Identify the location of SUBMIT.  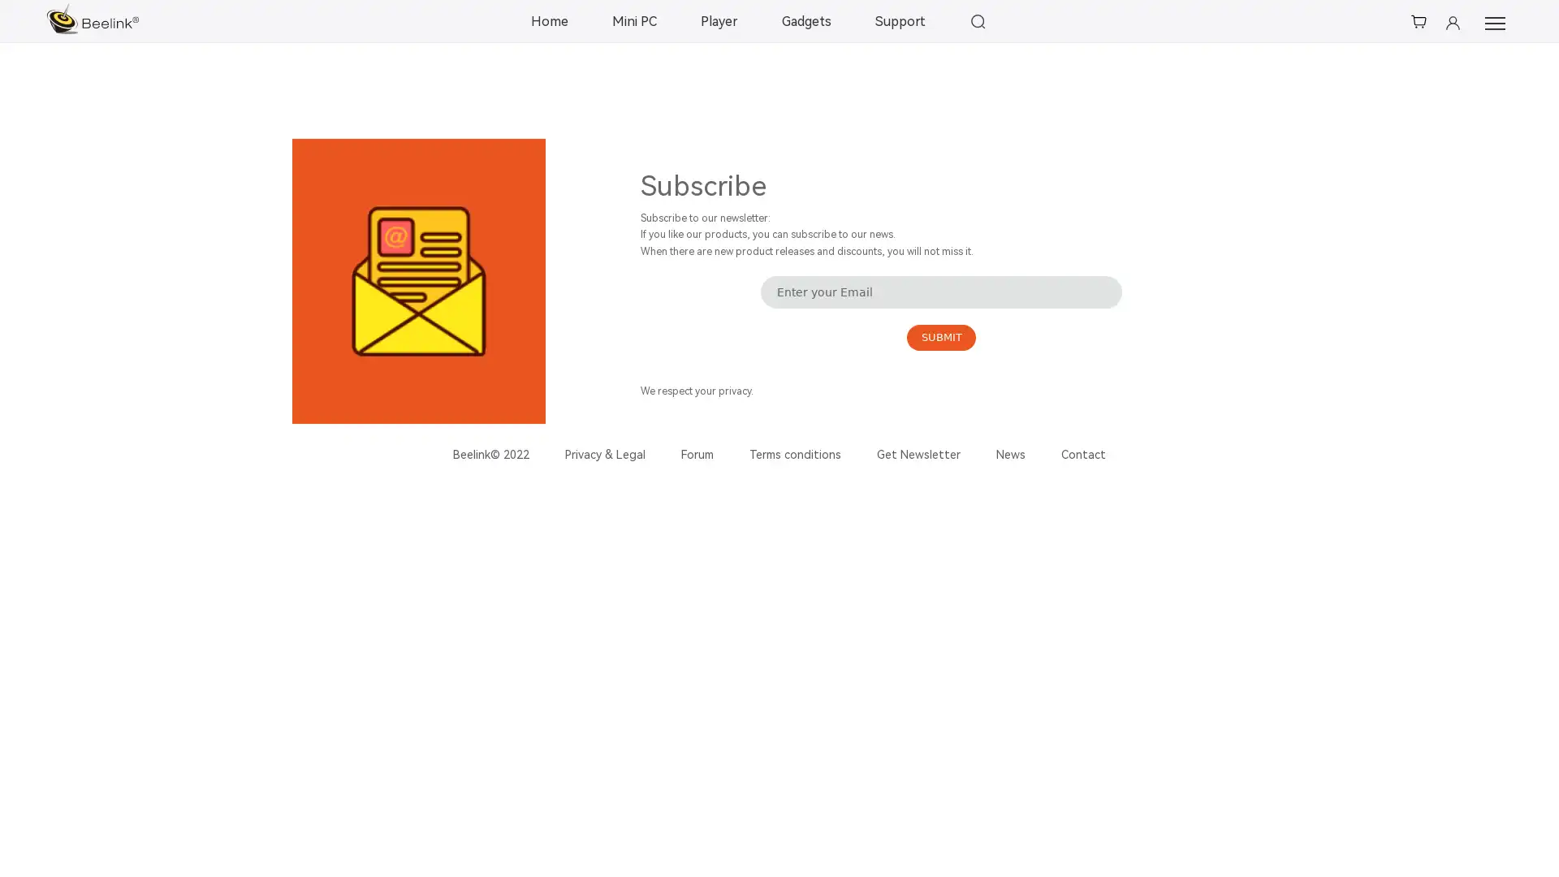
(941, 336).